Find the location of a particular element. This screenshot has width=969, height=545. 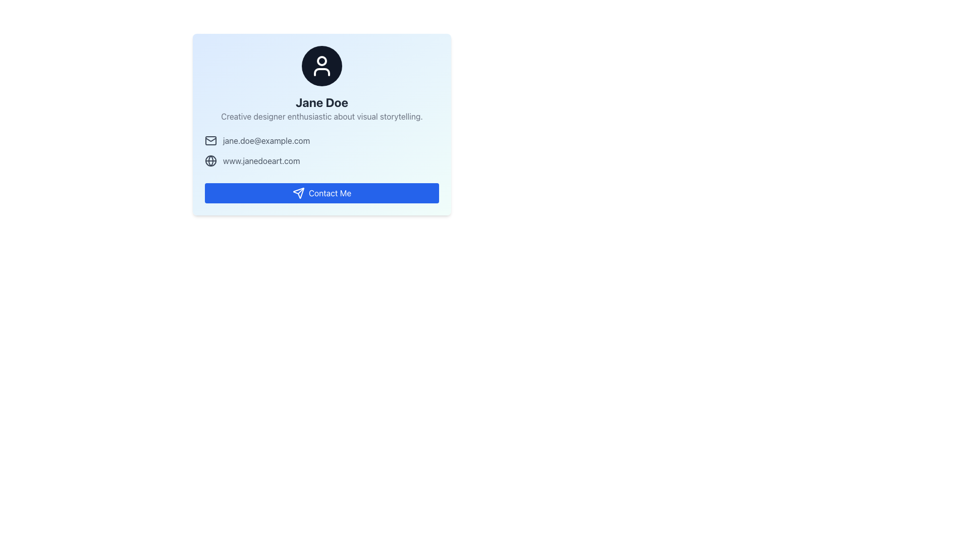

the foremost circular element of the globe icon, which symbolizes global connectivity within the contact card, located to the left of the 'www.janedoeart.com' text is located at coordinates (210, 160).